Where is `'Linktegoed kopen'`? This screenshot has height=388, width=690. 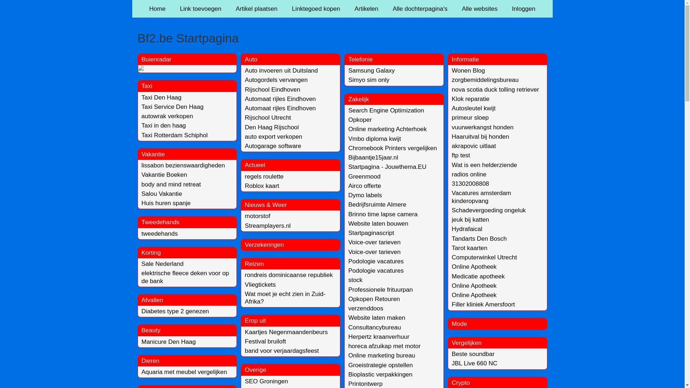 'Linktegoed kopen' is located at coordinates (316, 9).